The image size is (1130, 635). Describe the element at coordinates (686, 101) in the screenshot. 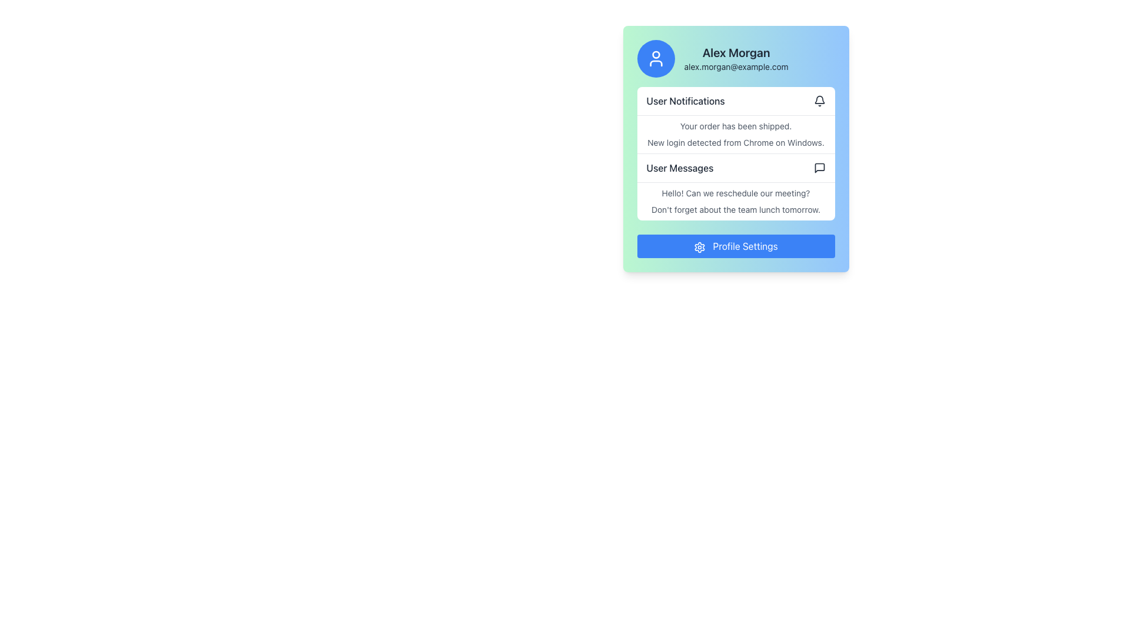

I see `text label displaying 'User Notifications' which serves as the header for the notification area located in the profile section` at that location.